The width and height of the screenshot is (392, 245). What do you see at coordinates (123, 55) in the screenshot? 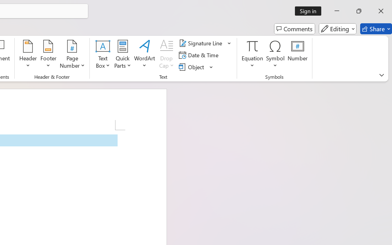
I see `'Quick Parts'` at bounding box center [123, 55].